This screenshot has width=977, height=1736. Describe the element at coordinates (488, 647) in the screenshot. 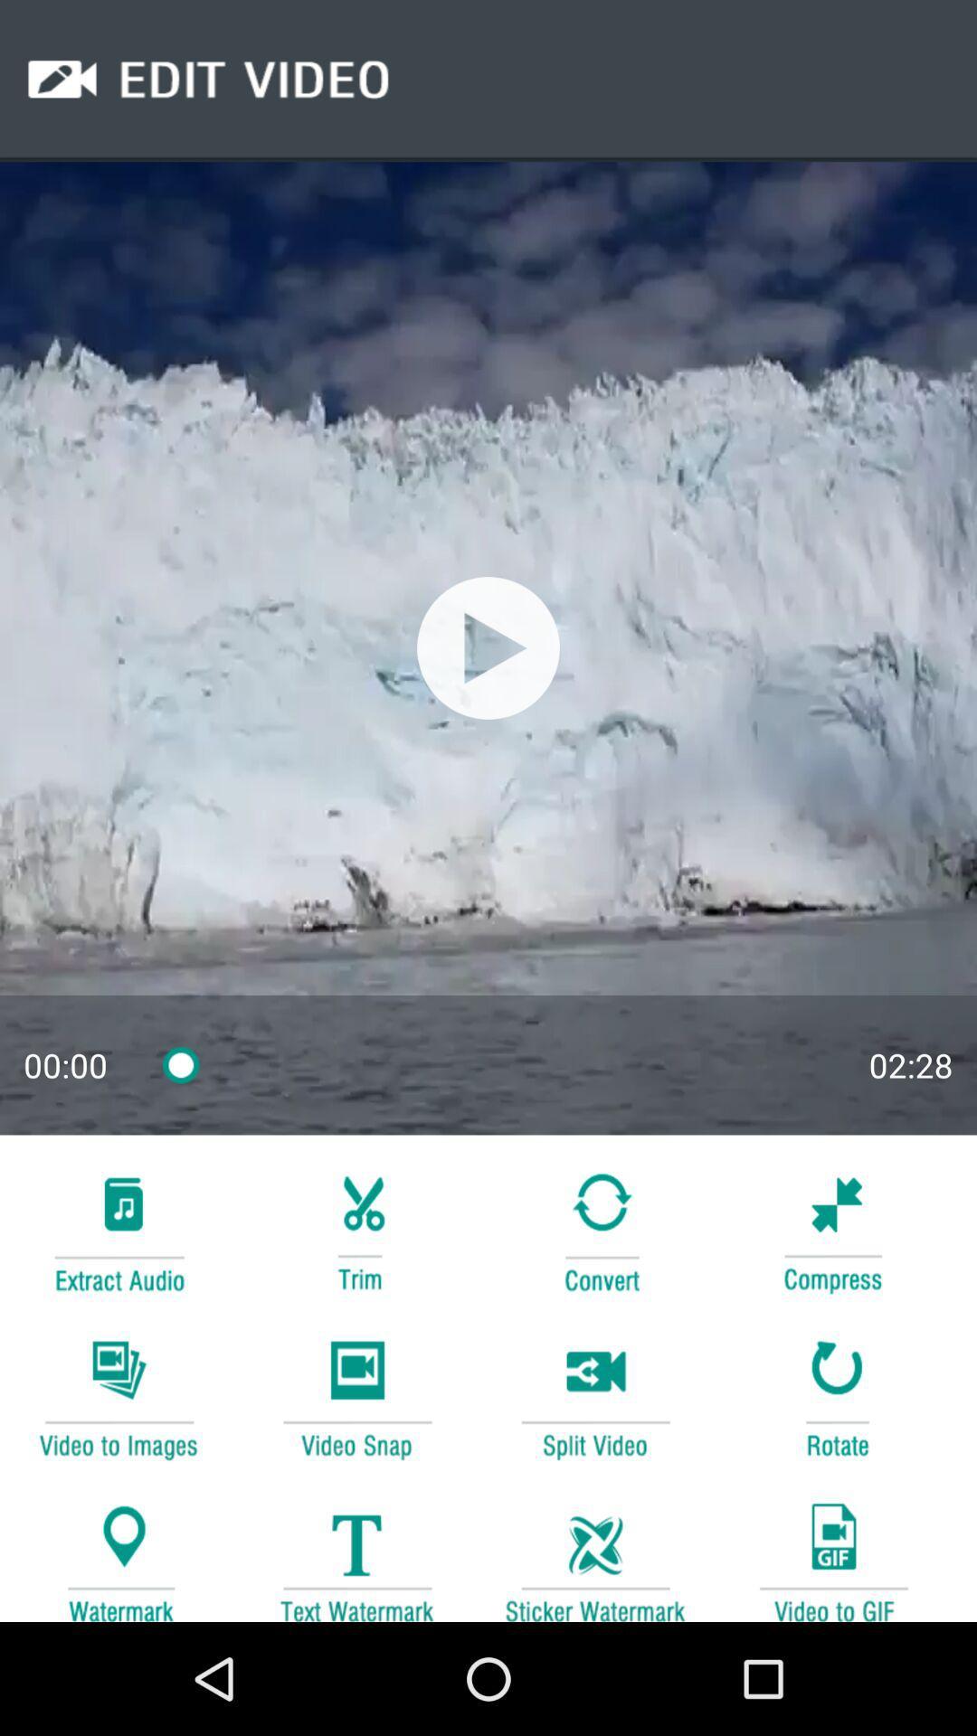

I see `play` at that location.